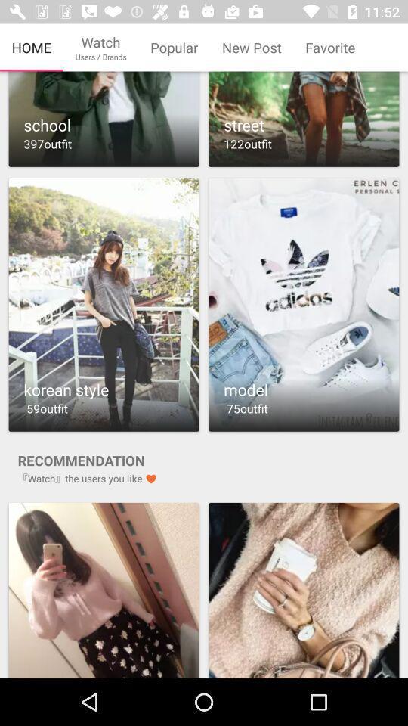 The image size is (408, 726). What do you see at coordinates (103, 588) in the screenshot?
I see `the first image which is under the recommendation` at bounding box center [103, 588].